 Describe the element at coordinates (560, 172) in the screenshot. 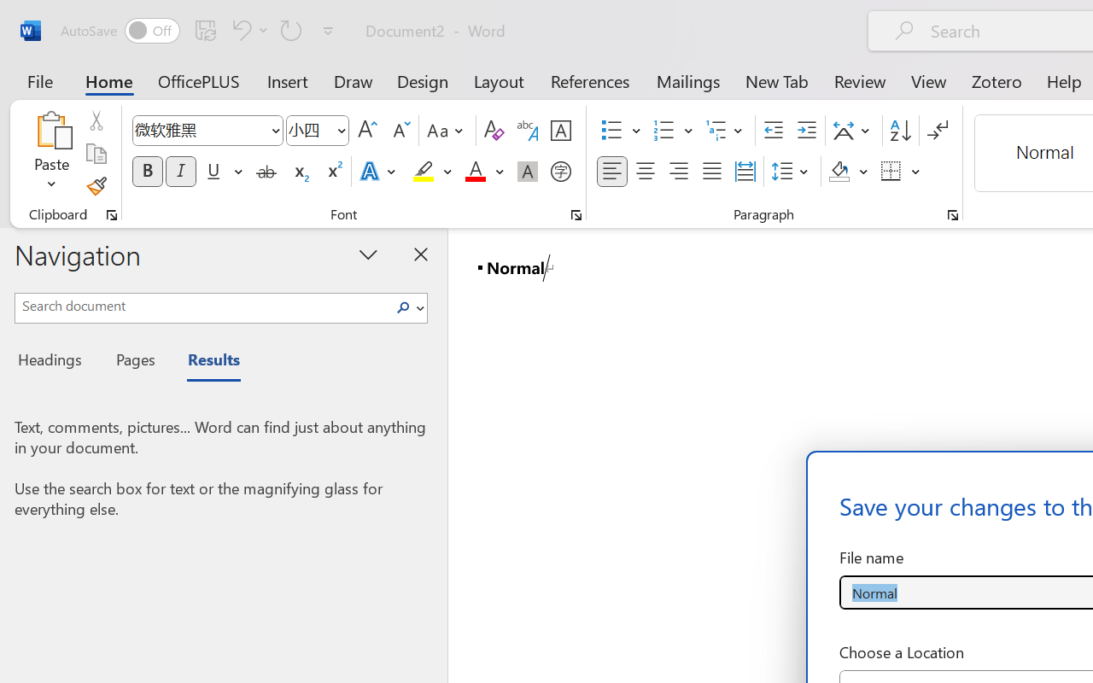

I see `'Enclose Characters...'` at that location.